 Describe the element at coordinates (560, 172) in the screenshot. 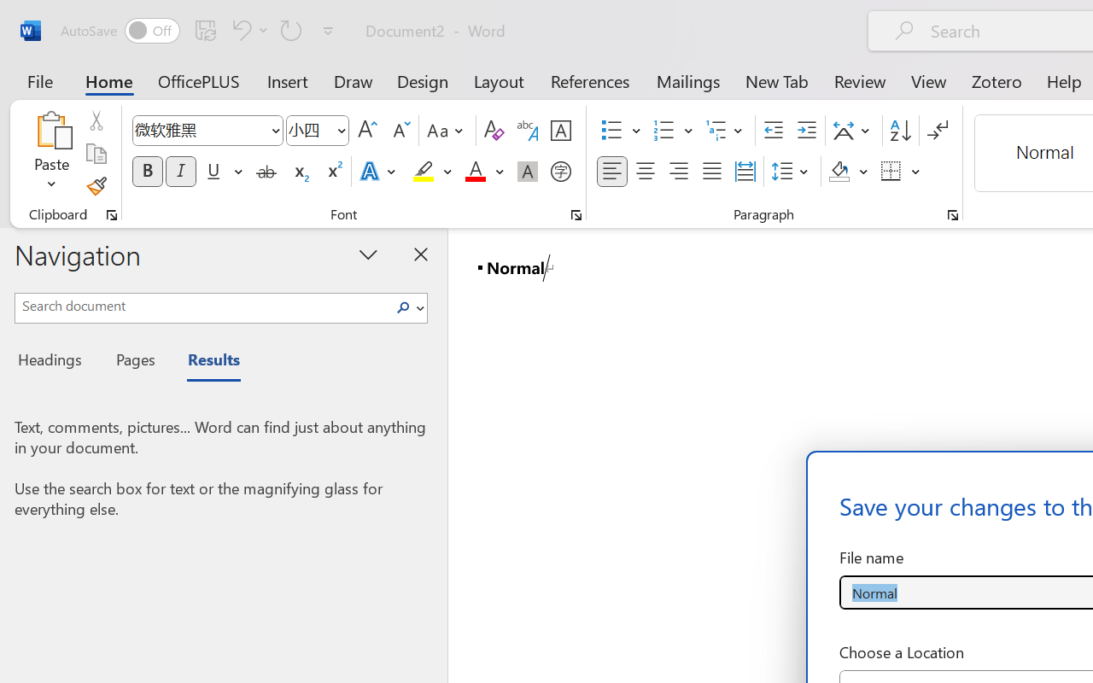

I see `'Enclose Characters...'` at that location.